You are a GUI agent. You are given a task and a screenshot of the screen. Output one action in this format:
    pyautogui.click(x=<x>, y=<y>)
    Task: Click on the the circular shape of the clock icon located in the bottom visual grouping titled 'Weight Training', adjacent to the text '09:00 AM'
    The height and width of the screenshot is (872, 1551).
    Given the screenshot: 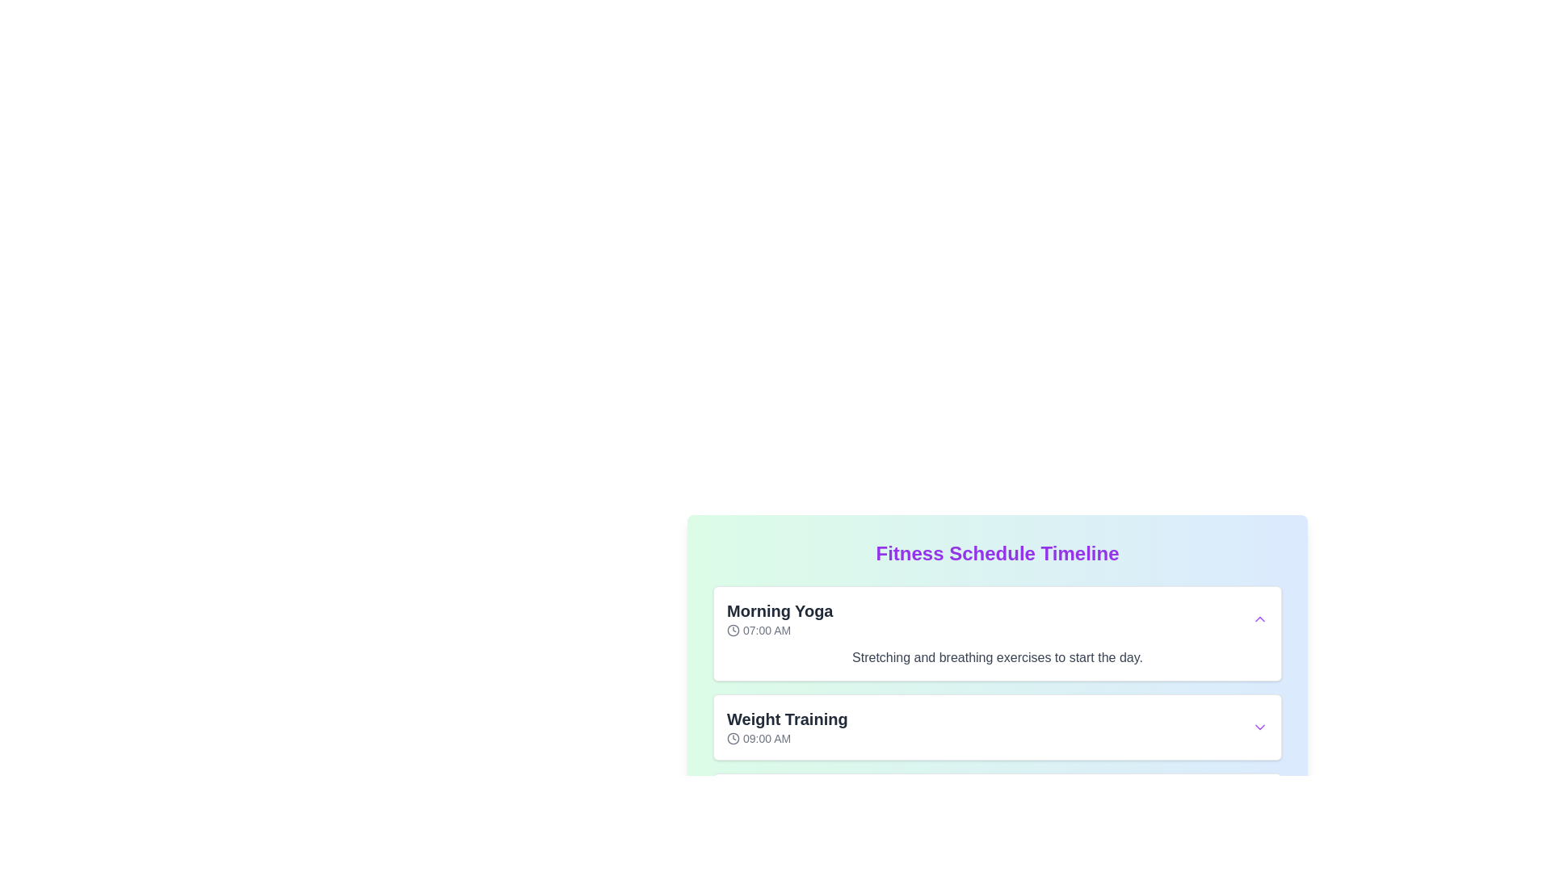 What is the action you would take?
    pyautogui.click(x=732, y=738)
    